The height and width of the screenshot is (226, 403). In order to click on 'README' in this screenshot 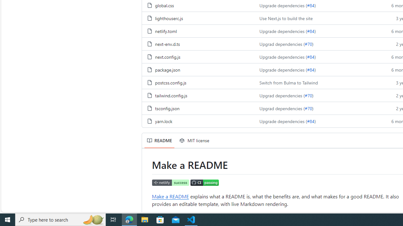, I will do `click(159, 140)`.